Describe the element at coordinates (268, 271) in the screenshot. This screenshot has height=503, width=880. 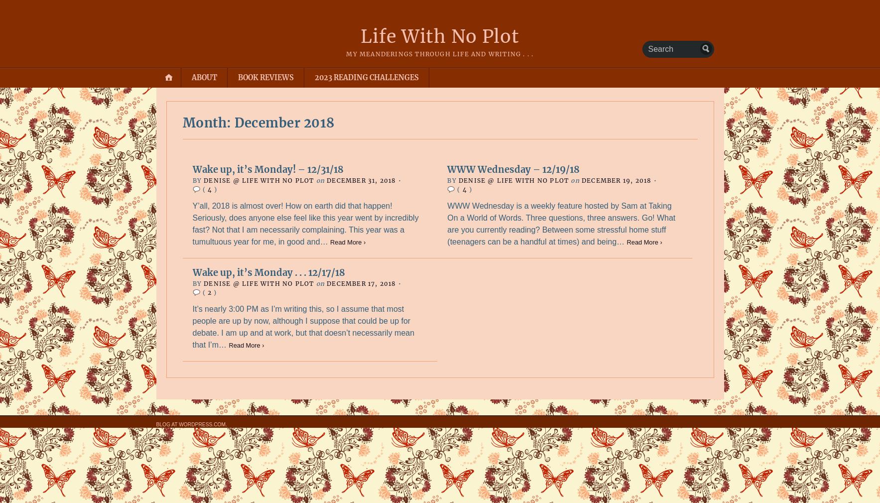
I see `'Wake up, it’s Monday . . . 12/17/18'` at that location.